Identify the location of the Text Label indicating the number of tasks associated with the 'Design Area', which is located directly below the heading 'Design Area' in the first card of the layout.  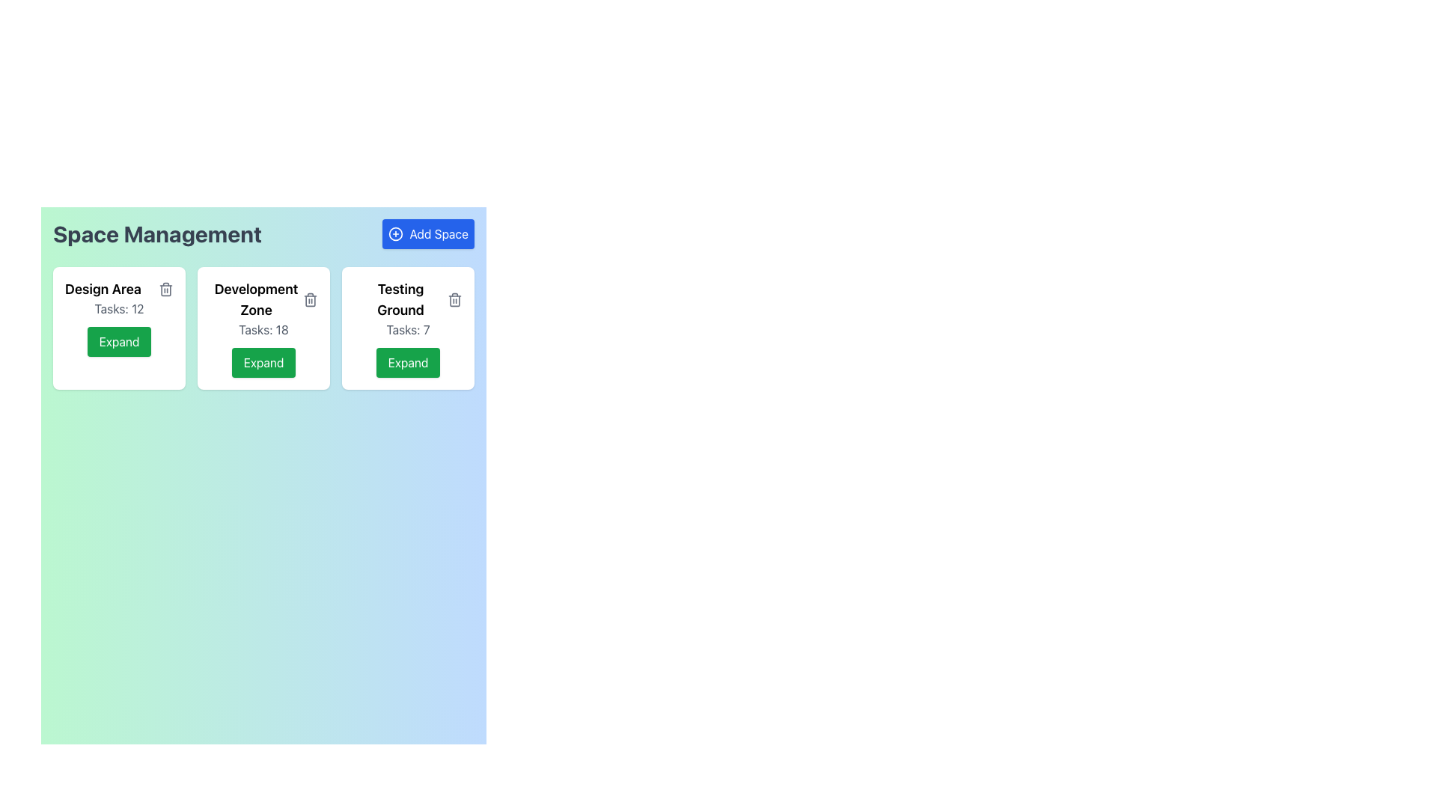
(118, 307).